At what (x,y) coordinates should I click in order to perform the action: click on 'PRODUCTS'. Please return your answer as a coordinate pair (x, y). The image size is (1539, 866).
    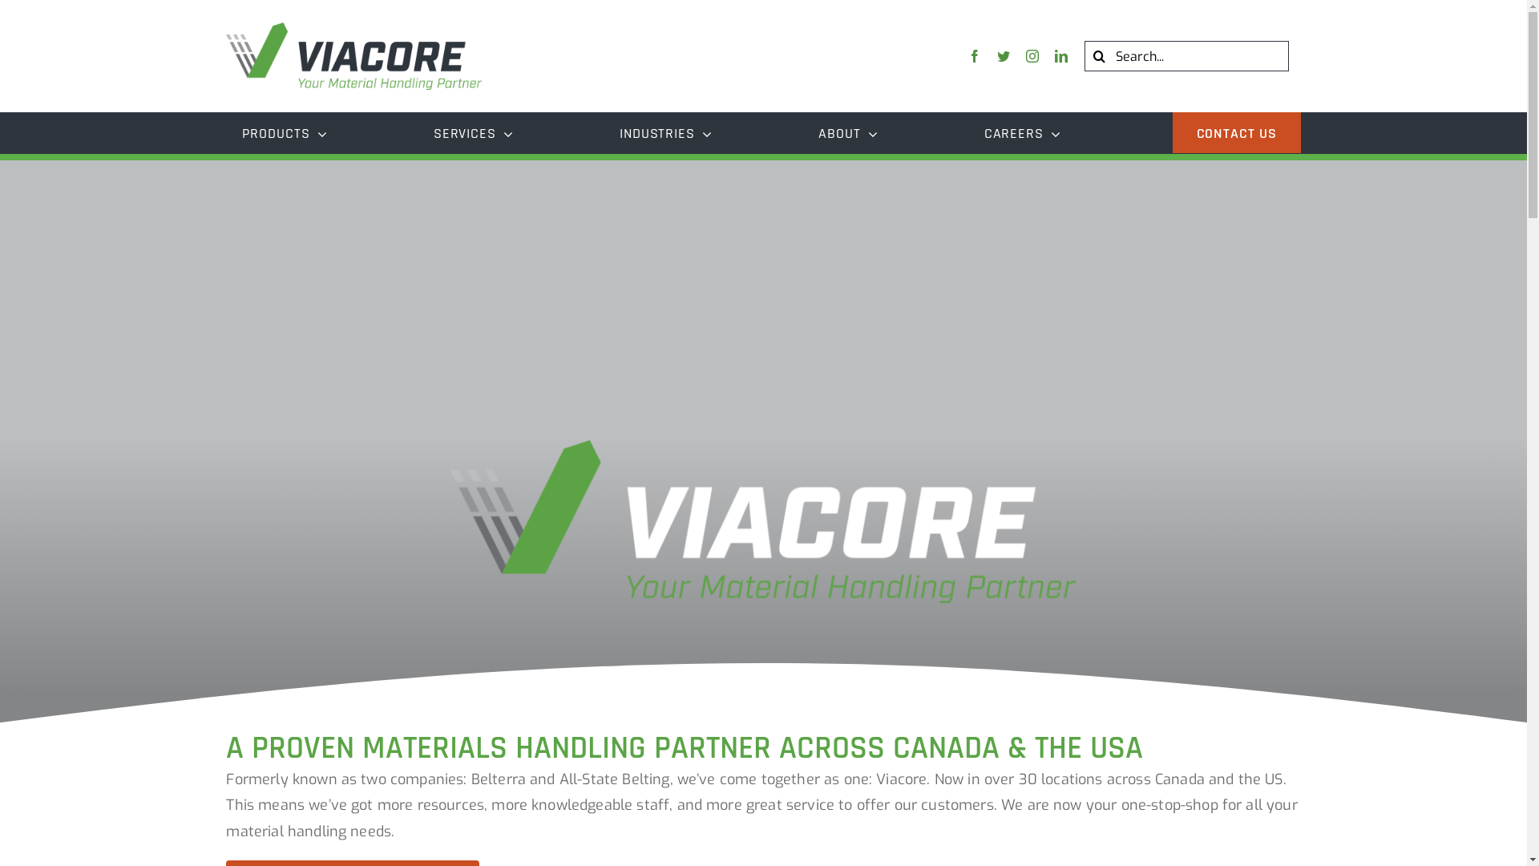
    Looking at the image, I should click on (285, 132).